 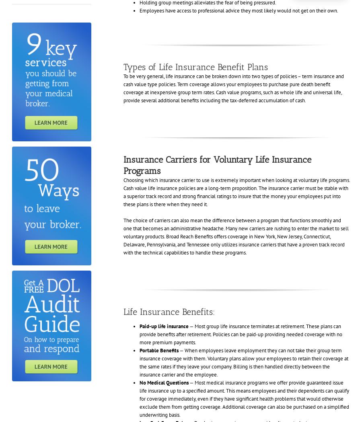 I want to click on '— When employees leave employment they can not take their group term insurance coverage with them. Voluntary plans allow your employees to retain their coverage at the same rates if they leave your company. Billing is then handled directly between the insurance carrier and the employee.', so click(x=243, y=362).